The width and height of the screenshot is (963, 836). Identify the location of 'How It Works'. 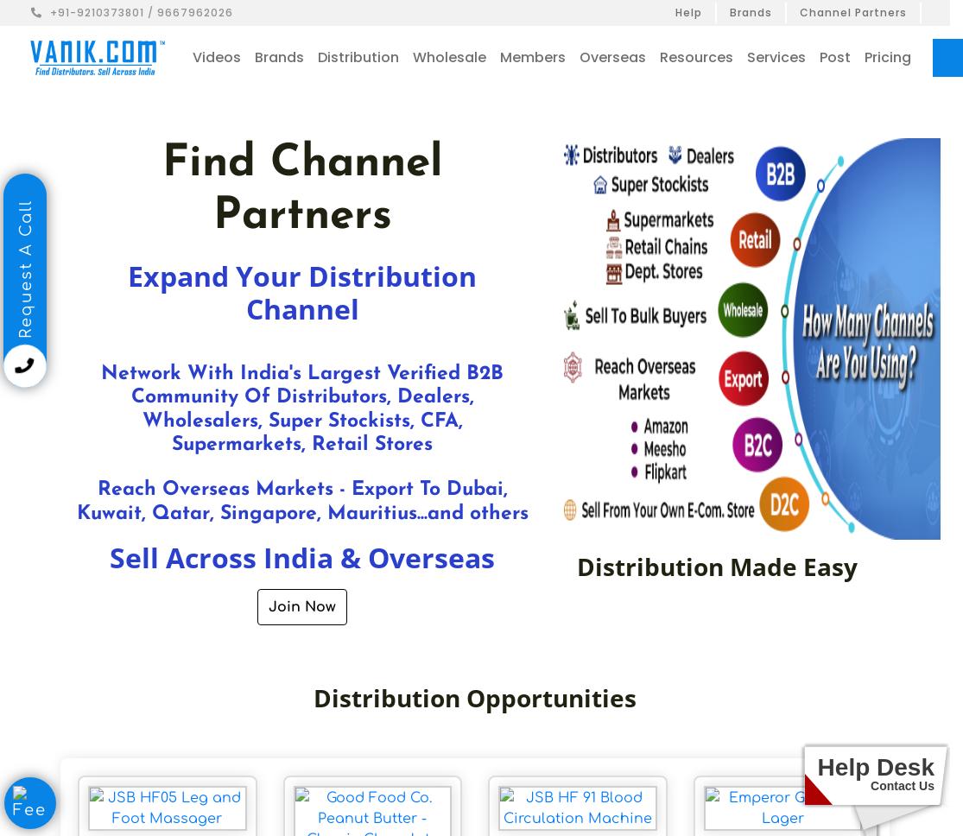
(820, 120).